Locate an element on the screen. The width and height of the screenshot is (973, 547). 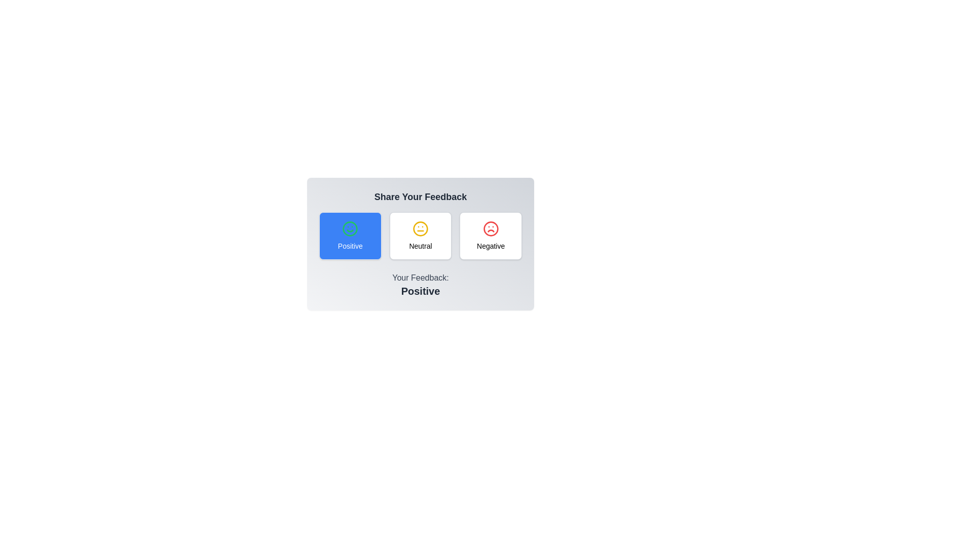
the feedback option Negative for accessibility testing is located at coordinates (491, 236).